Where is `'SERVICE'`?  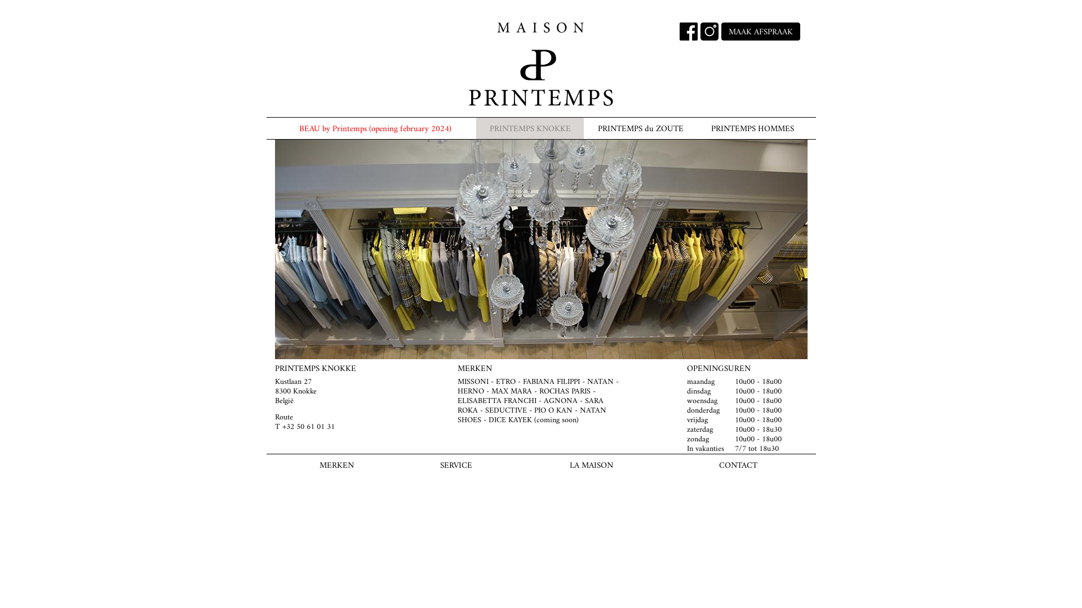 'SERVICE' is located at coordinates (398, 464).